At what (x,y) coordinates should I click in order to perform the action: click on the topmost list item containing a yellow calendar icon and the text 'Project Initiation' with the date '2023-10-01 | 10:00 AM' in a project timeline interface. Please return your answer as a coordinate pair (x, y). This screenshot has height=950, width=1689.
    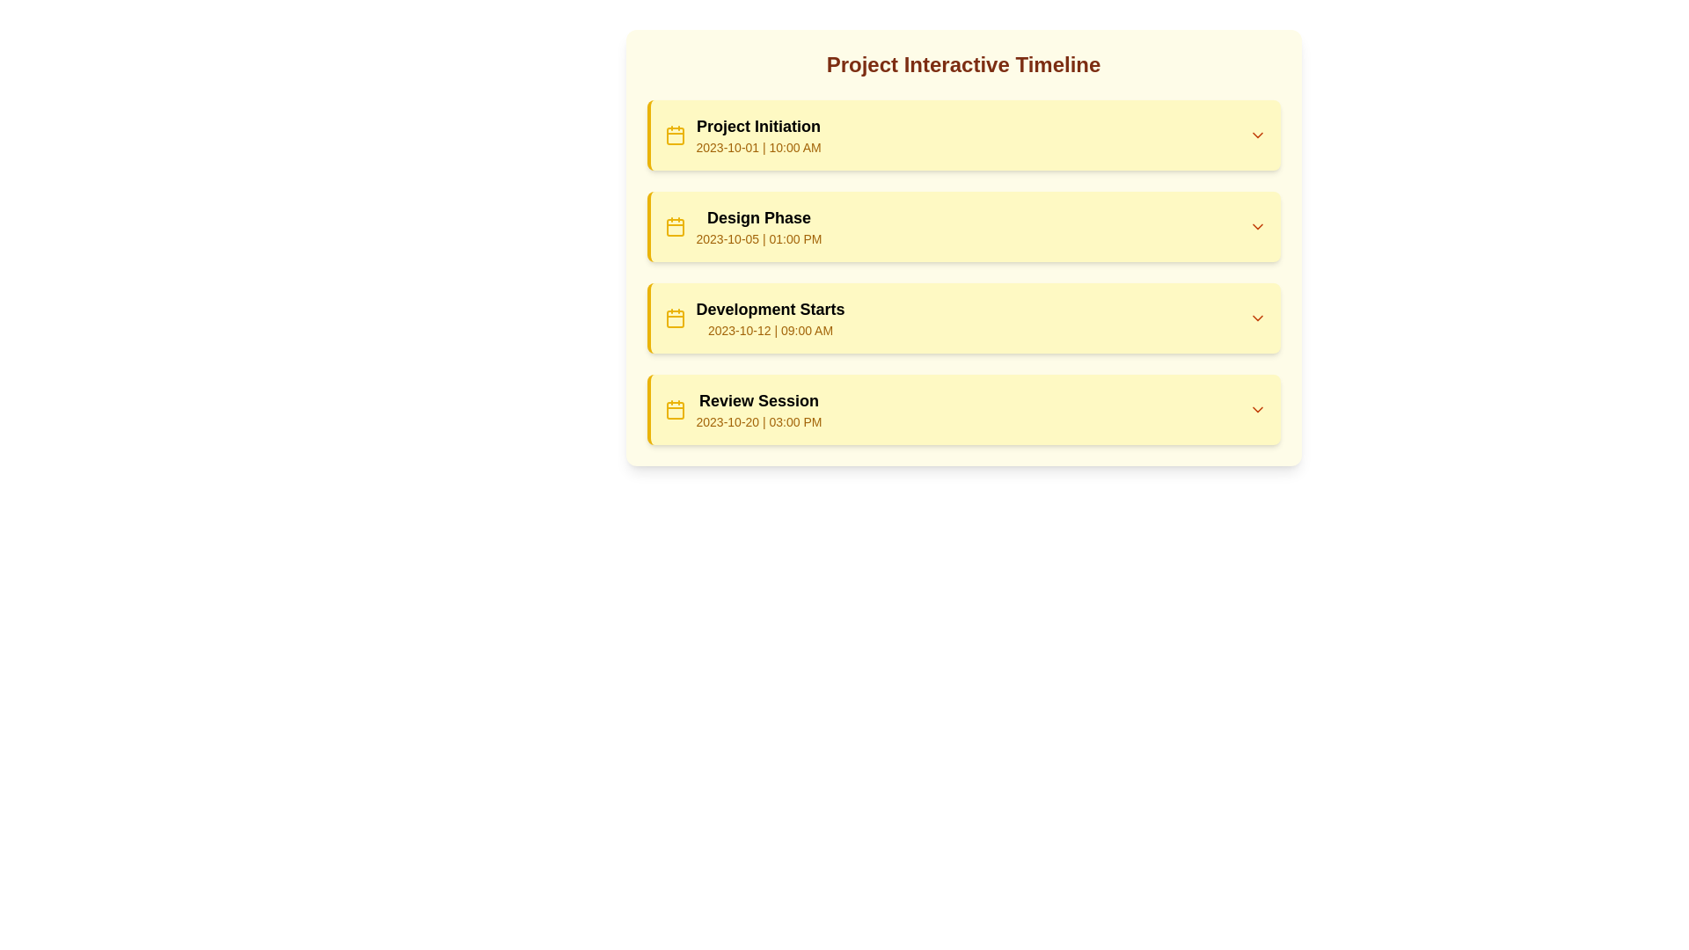
    Looking at the image, I should click on (742, 135).